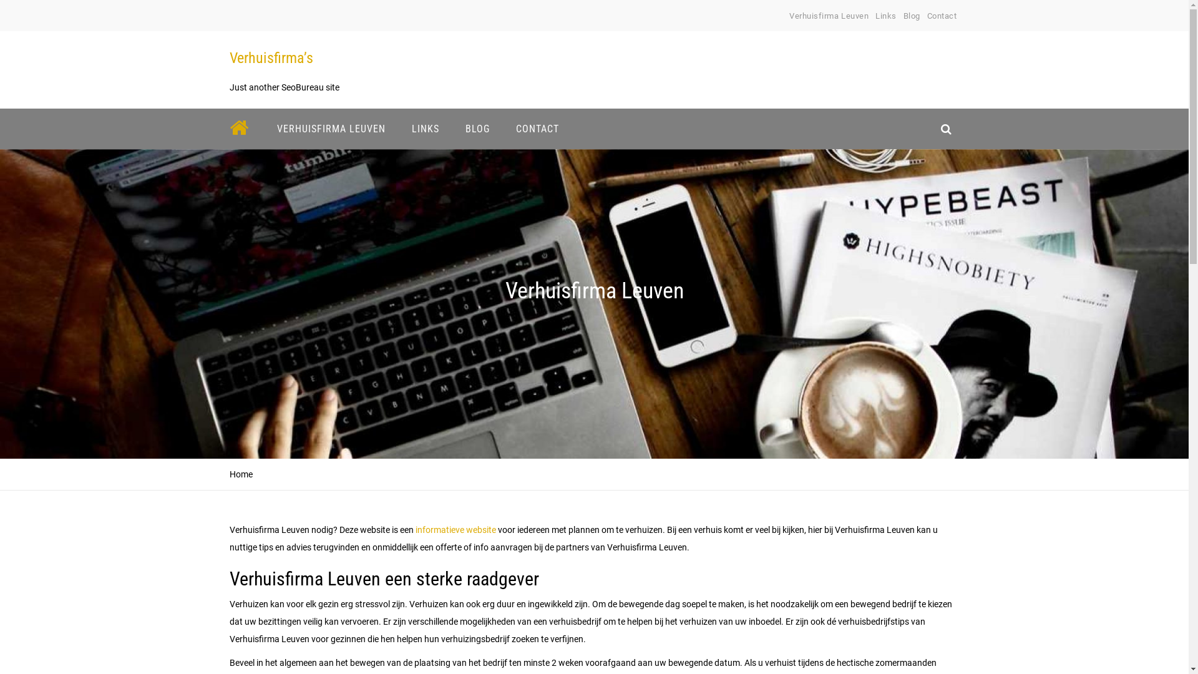 Image resolution: width=1198 pixels, height=674 pixels. What do you see at coordinates (268, 129) in the screenshot?
I see `'VERHUISFIRMA LEUVEN'` at bounding box center [268, 129].